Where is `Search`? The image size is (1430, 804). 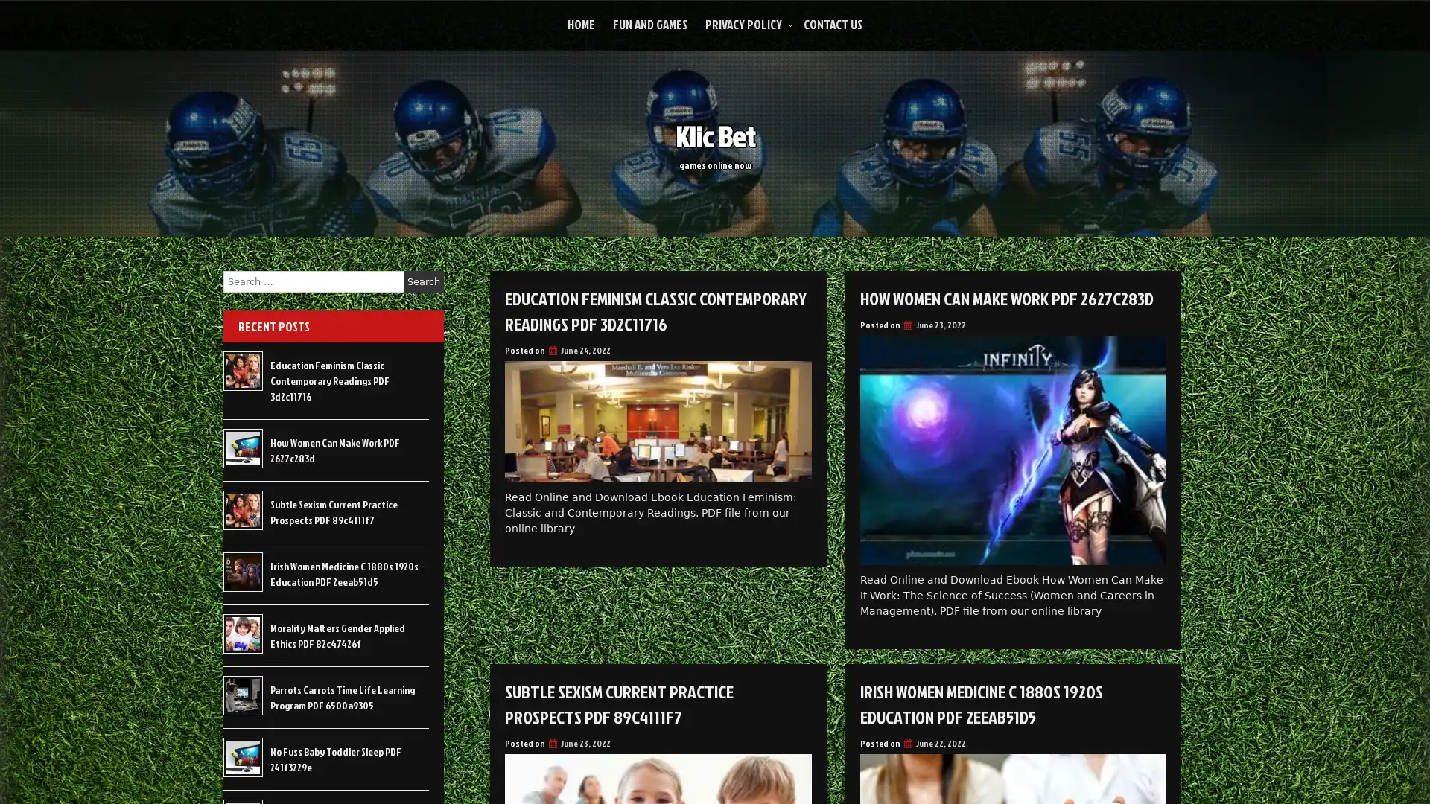
Search is located at coordinates (423, 281).